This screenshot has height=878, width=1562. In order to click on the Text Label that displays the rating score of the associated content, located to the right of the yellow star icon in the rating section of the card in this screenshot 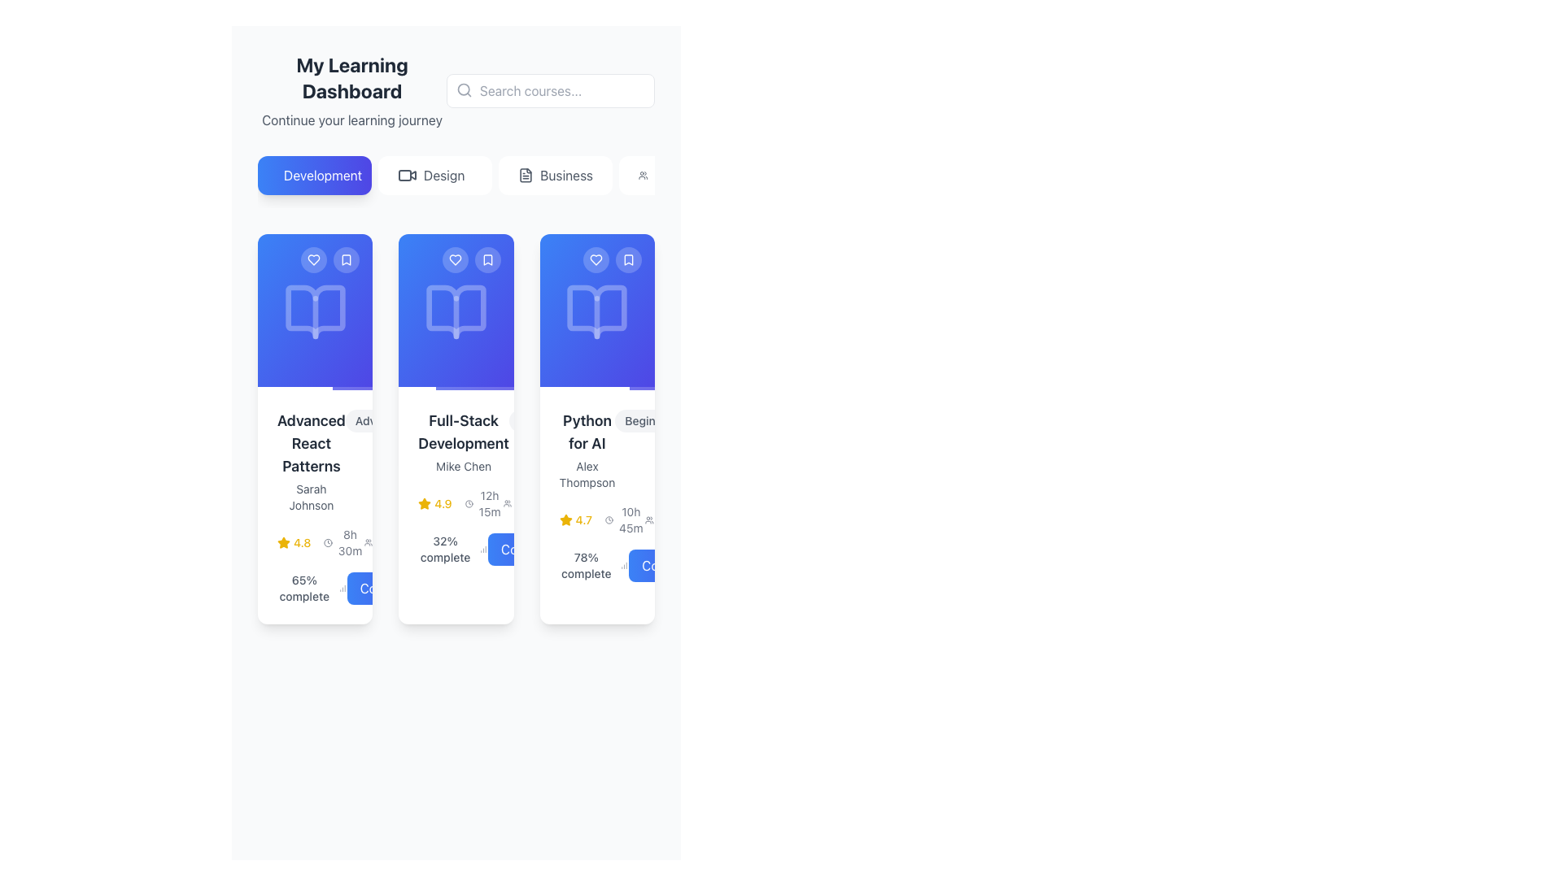, I will do `click(302, 542)`.